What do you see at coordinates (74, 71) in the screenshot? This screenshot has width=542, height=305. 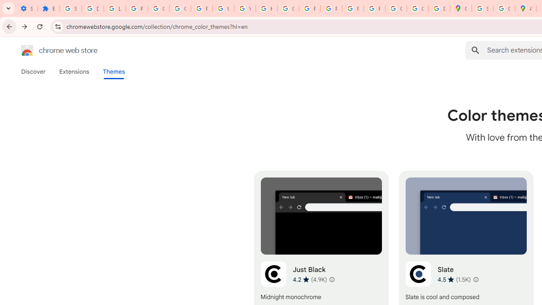 I see `'Extensions'` at bounding box center [74, 71].